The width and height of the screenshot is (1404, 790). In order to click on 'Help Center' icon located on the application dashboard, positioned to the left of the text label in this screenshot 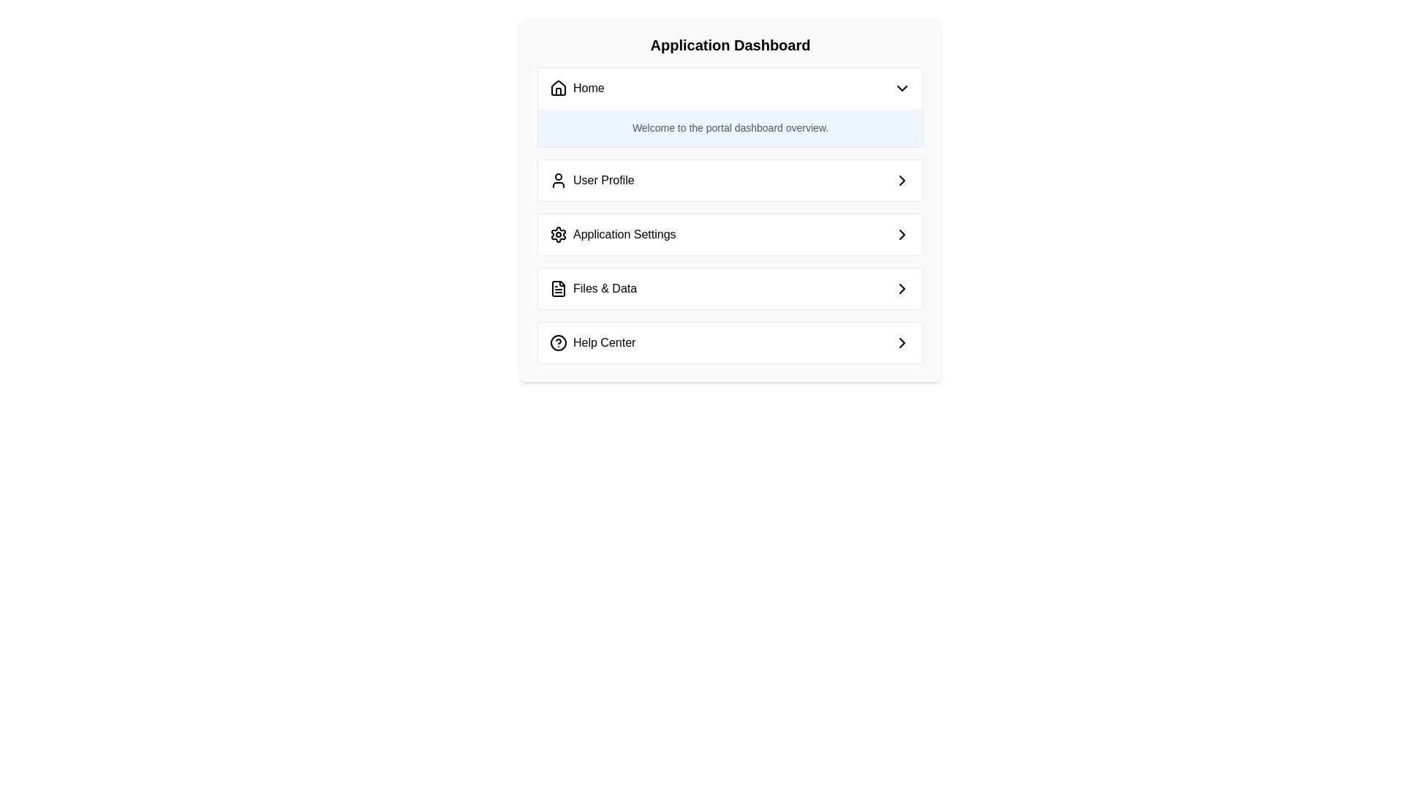, I will do `click(557, 343)`.